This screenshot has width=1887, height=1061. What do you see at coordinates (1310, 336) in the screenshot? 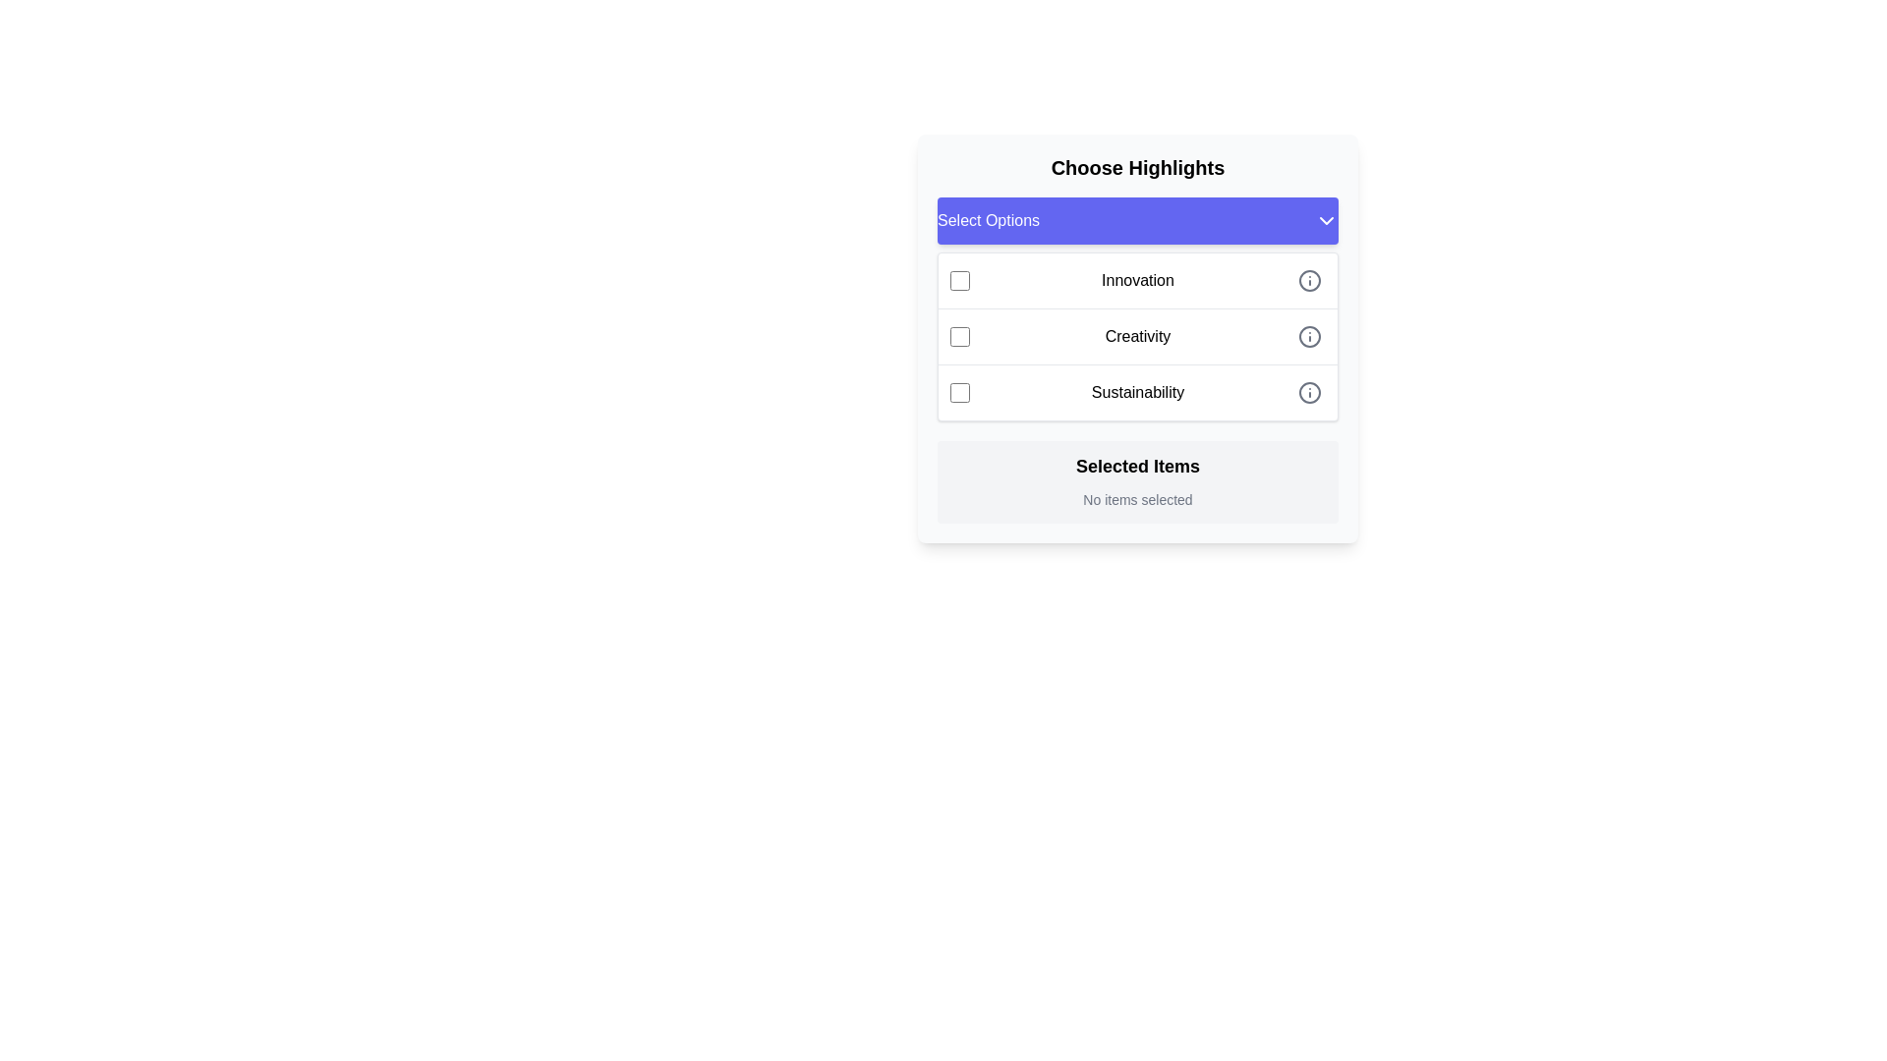
I see `the info button located to the far-right of the 'Creativity' row` at bounding box center [1310, 336].